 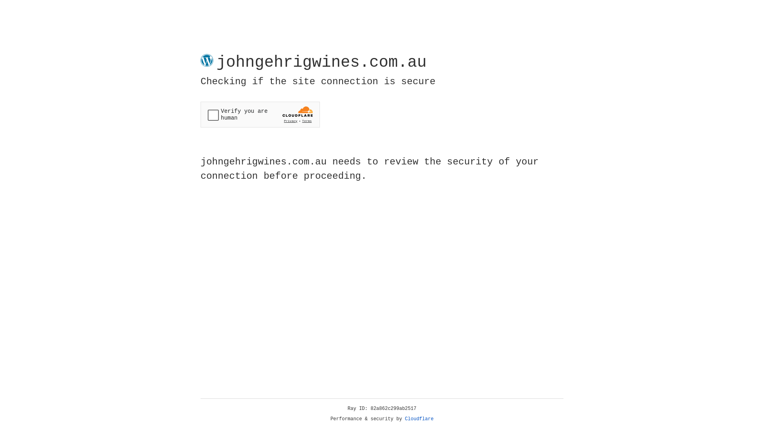 I want to click on 'Cloudflare', so click(x=405, y=419).